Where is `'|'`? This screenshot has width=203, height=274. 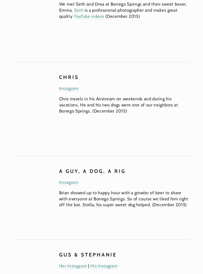
'|' is located at coordinates (89, 265).